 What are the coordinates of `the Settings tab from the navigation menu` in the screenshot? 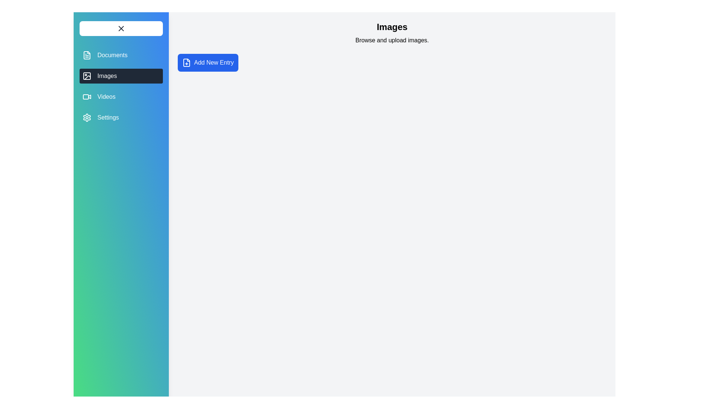 It's located at (121, 117).